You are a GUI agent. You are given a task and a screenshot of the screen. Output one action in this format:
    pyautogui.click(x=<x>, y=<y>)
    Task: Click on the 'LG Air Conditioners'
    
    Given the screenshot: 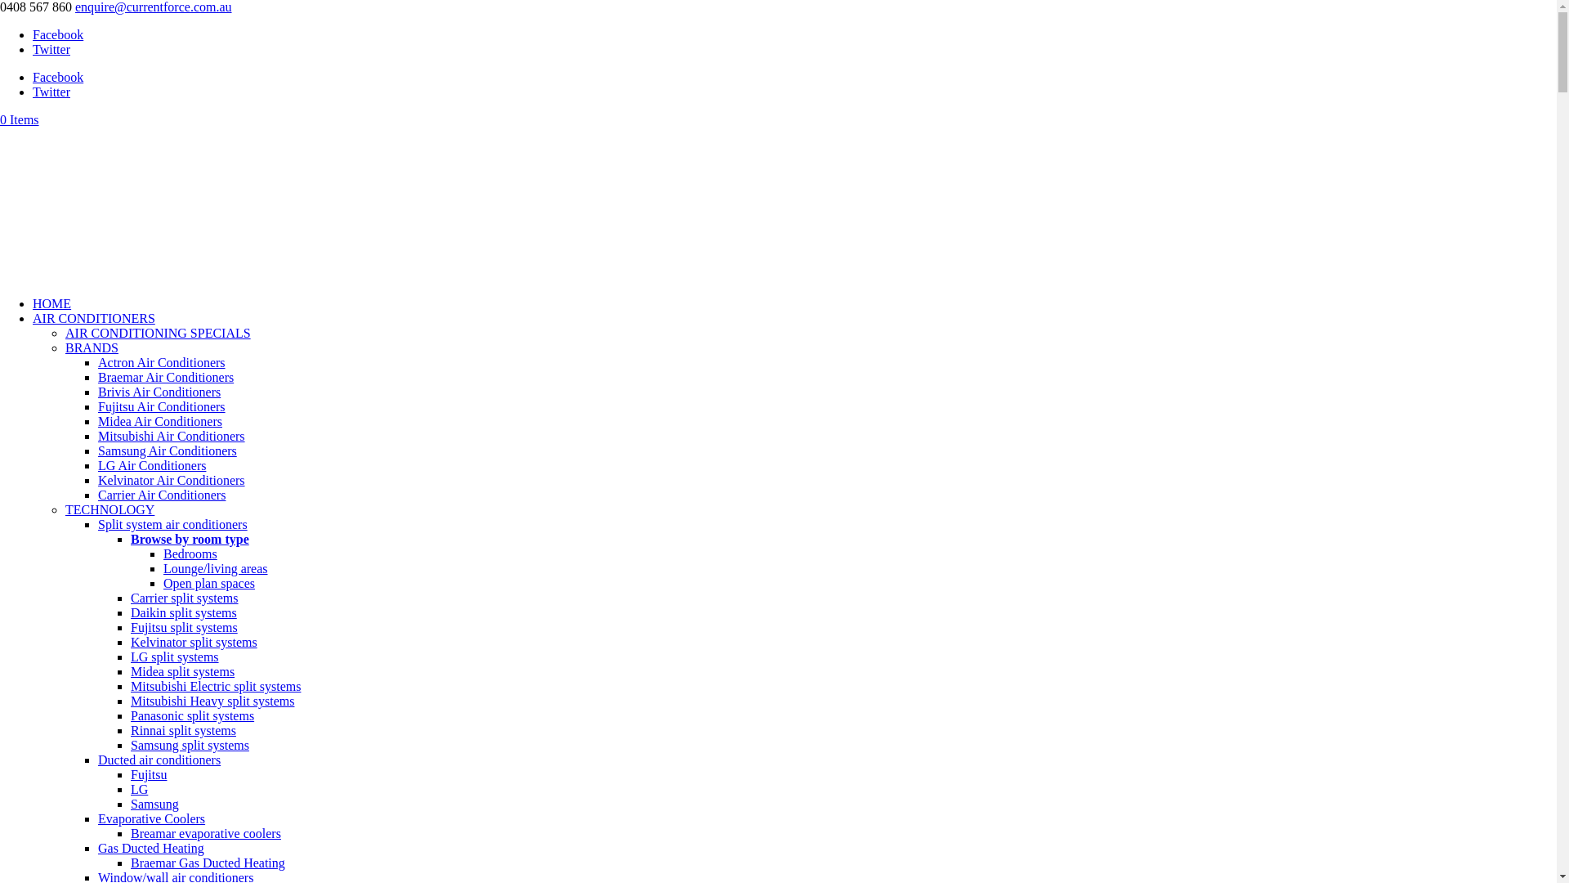 What is the action you would take?
    pyautogui.click(x=152, y=465)
    